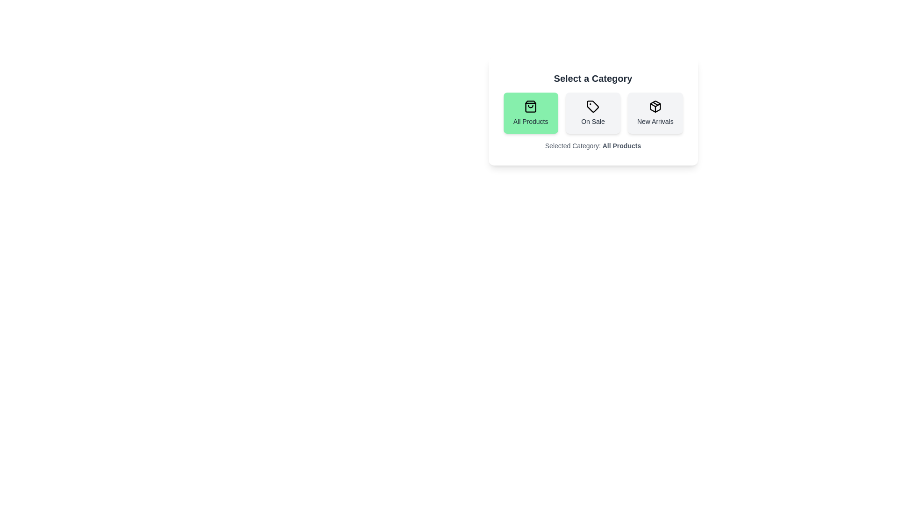 This screenshot has width=897, height=505. Describe the element at coordinates (531, 113) in the screenshot. I see `the category button labeled All Products` at that location.